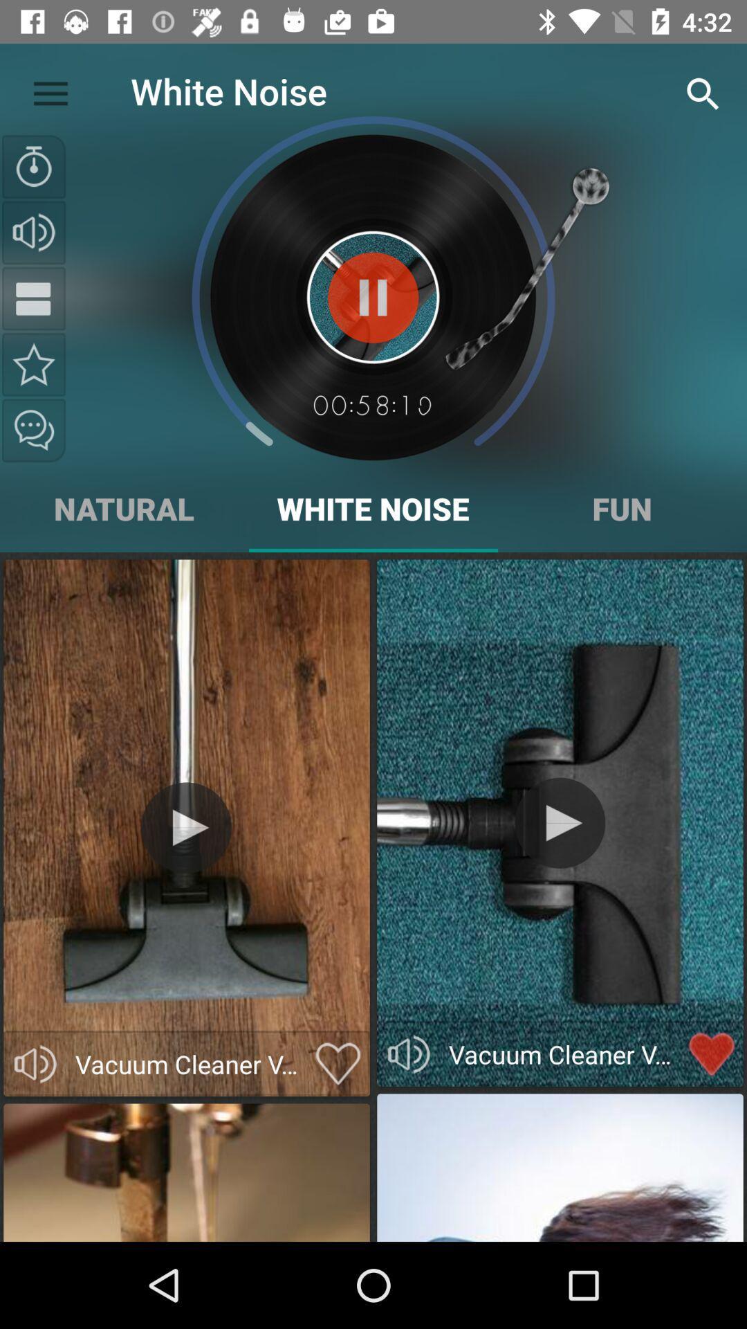  Describe the element at coordinates (408, 1054) in the screenshot. I see `mute or unmute` at that location.